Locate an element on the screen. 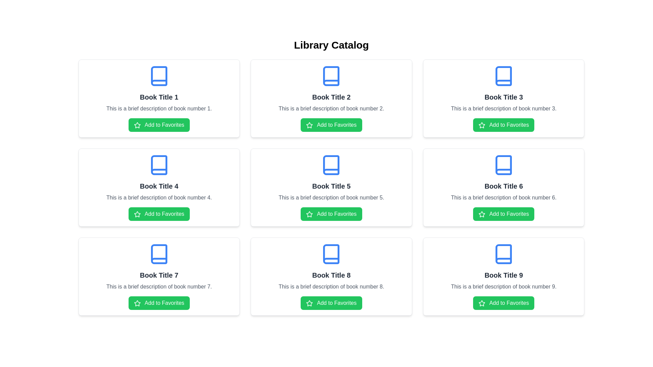 The width and height of the screenshot is (653, 367). the button that adds 'Book Title 4' to the favorites list for interaction is located at coordinates (158, 213).